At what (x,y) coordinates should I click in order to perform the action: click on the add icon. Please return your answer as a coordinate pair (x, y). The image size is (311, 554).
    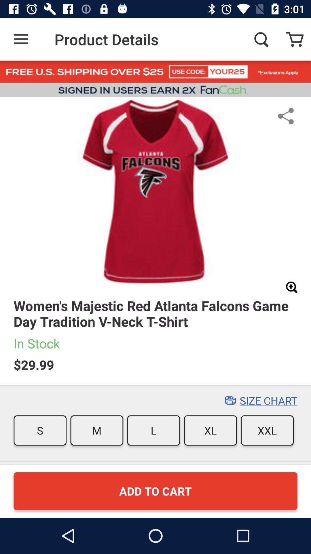
    Looking at the image, I should click on (291, 287).